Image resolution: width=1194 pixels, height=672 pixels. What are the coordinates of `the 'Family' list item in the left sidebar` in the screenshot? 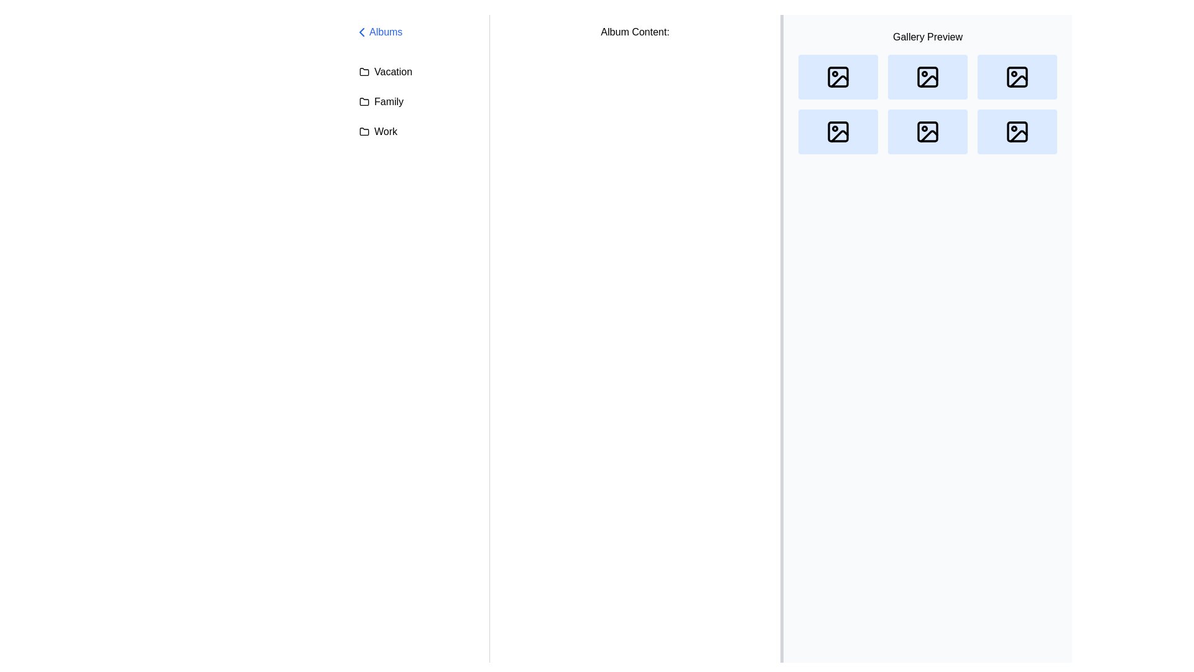 It's located at (417, 101).